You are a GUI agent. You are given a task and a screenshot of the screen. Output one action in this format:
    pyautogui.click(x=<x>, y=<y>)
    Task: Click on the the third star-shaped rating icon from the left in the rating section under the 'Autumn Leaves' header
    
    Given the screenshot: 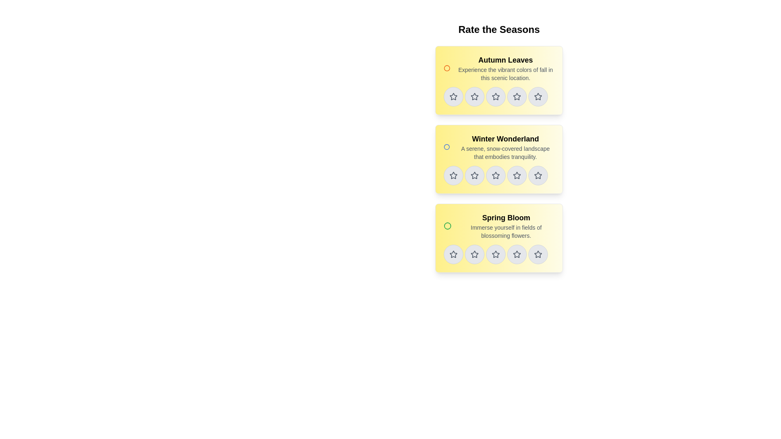 What is the action you would take?
    pyautogui.click(x=517, y=96)
    